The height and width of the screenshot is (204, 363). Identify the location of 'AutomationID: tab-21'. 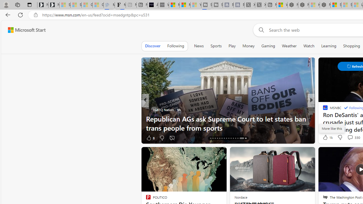
(221, 138).